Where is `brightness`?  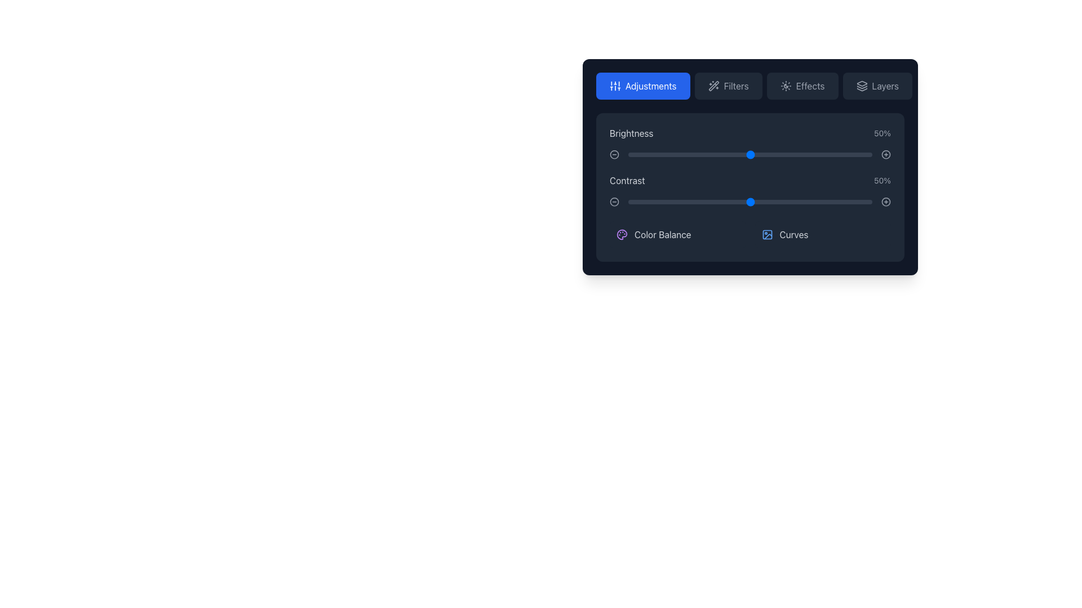
brightness is located at coordinates (710, 154).